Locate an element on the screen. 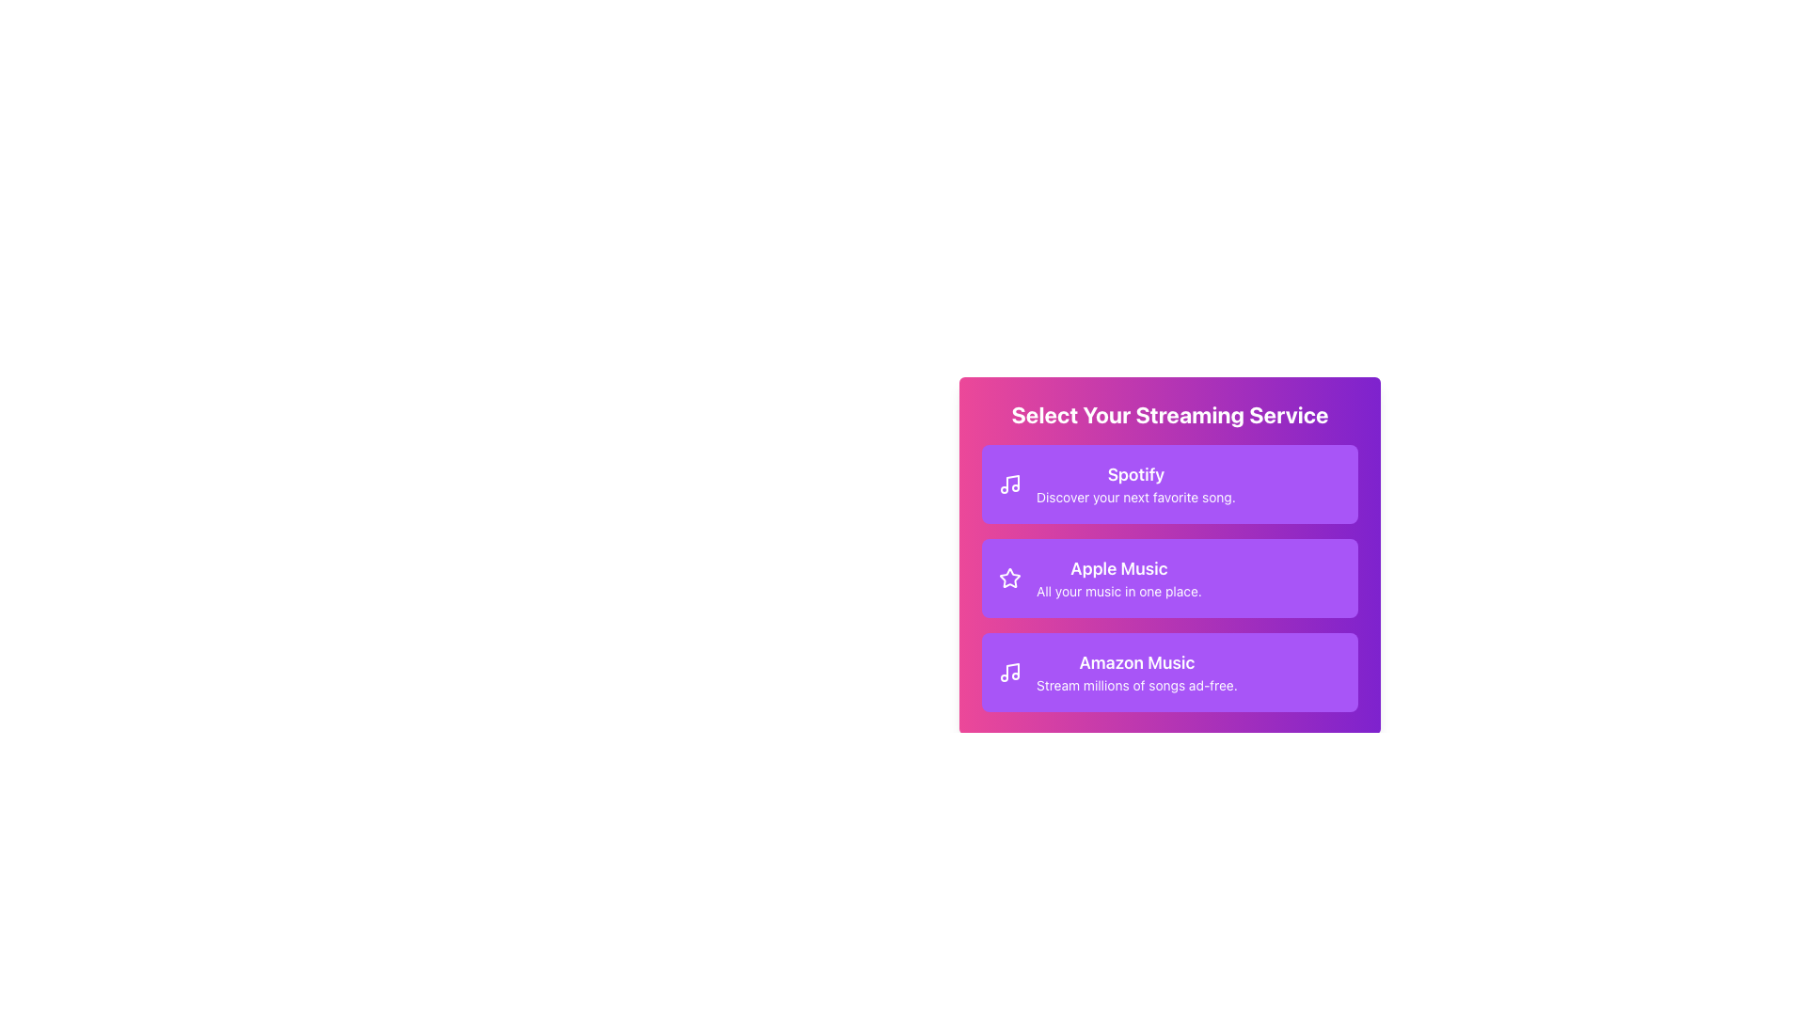  the 'Amazon Music' button, which is the third option in the 'Select Your Streaming Service' card is located at coordinates (1135, 671).